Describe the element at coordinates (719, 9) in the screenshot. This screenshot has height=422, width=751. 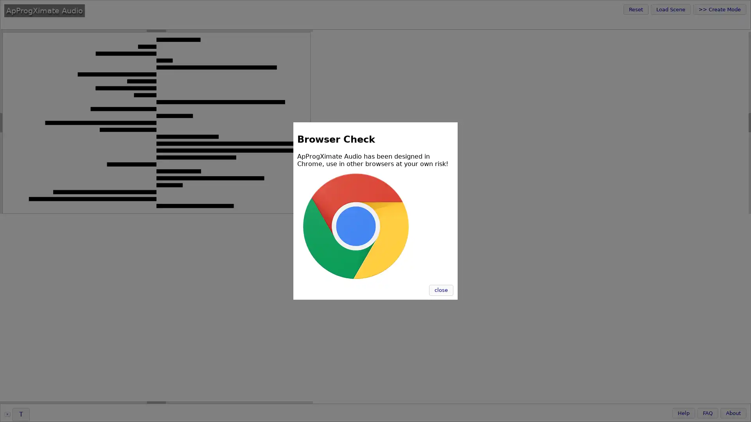
I see `>> Create Mode` at that location.